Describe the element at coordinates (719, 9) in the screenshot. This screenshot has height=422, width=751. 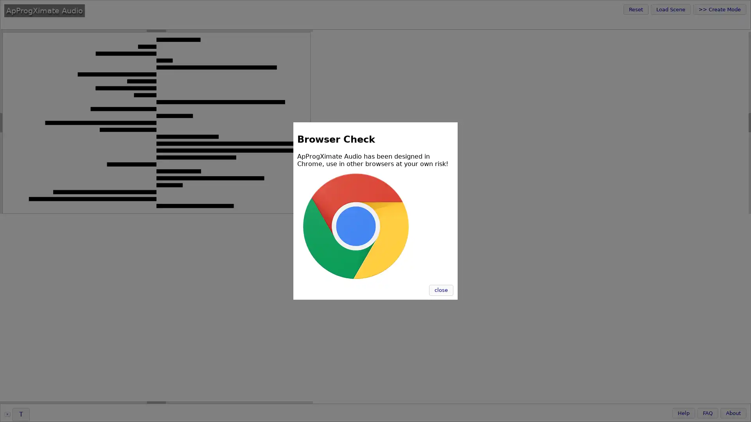
I see `>> Create Mode` at that location.